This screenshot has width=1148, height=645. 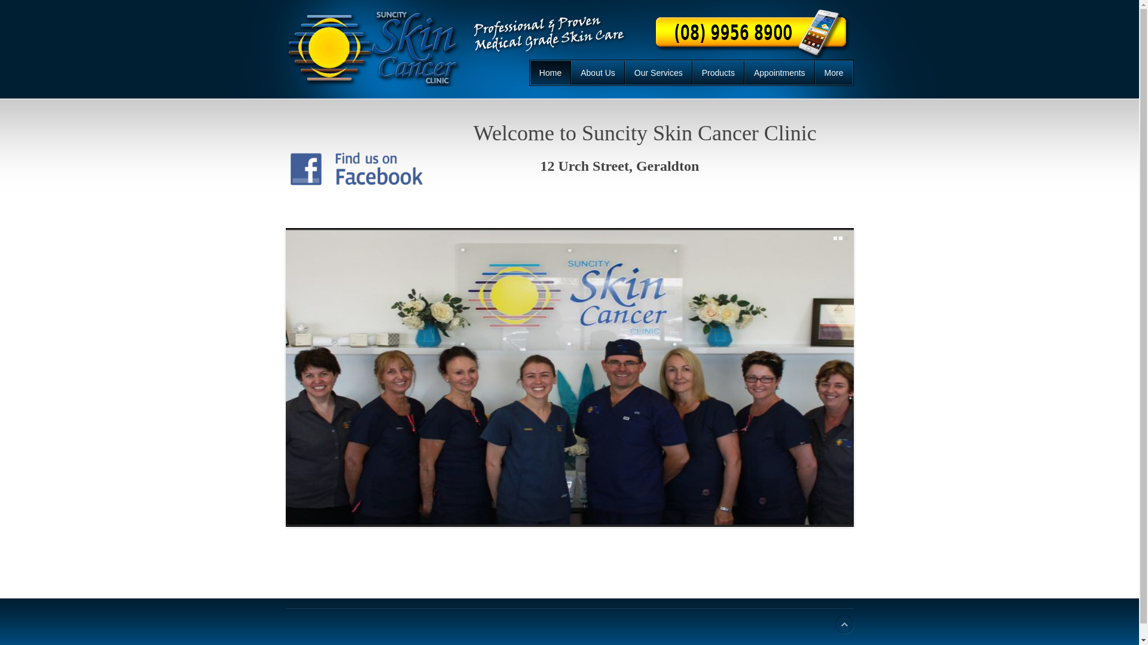 I want to click on 'More', so click(x=814, y=73).